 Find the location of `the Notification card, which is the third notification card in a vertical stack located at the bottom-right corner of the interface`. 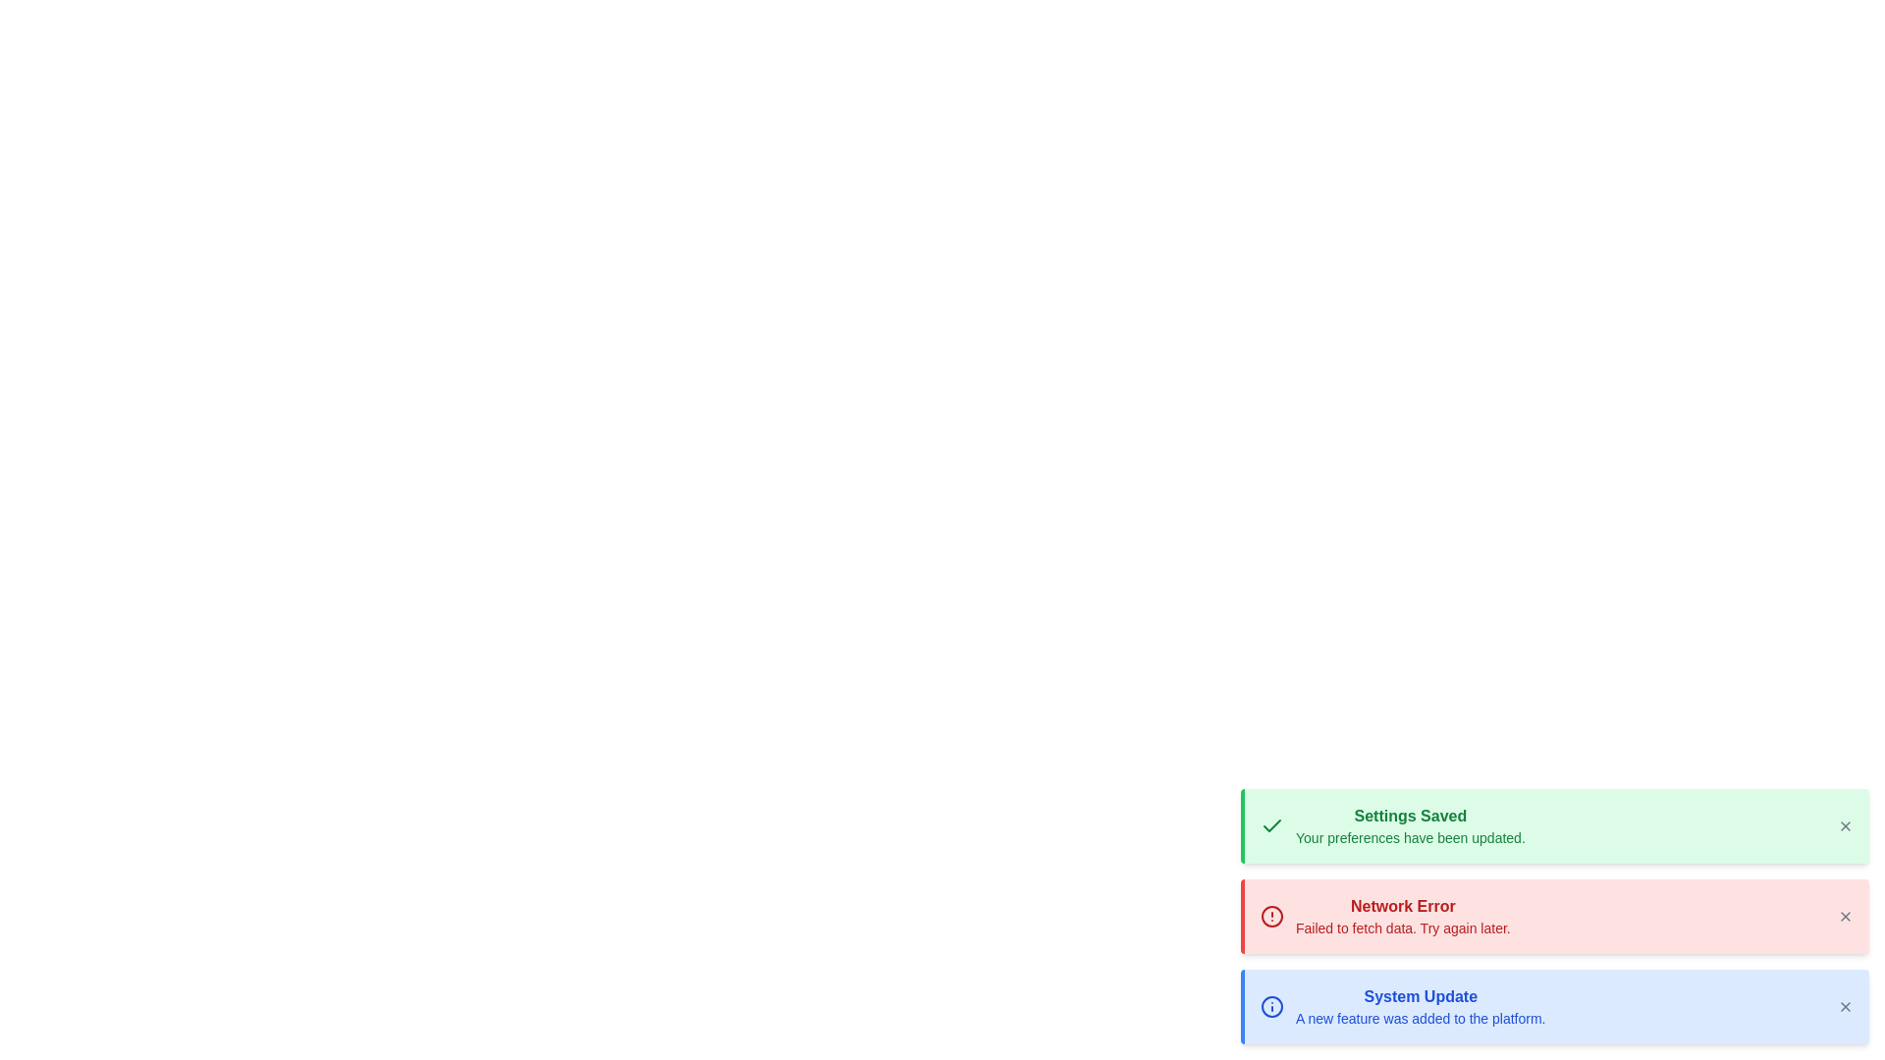

the Notification card, which is the third notification card in a vertical stack located at the bottom-right corner of the interface is located at coordinates (1554, 1007).